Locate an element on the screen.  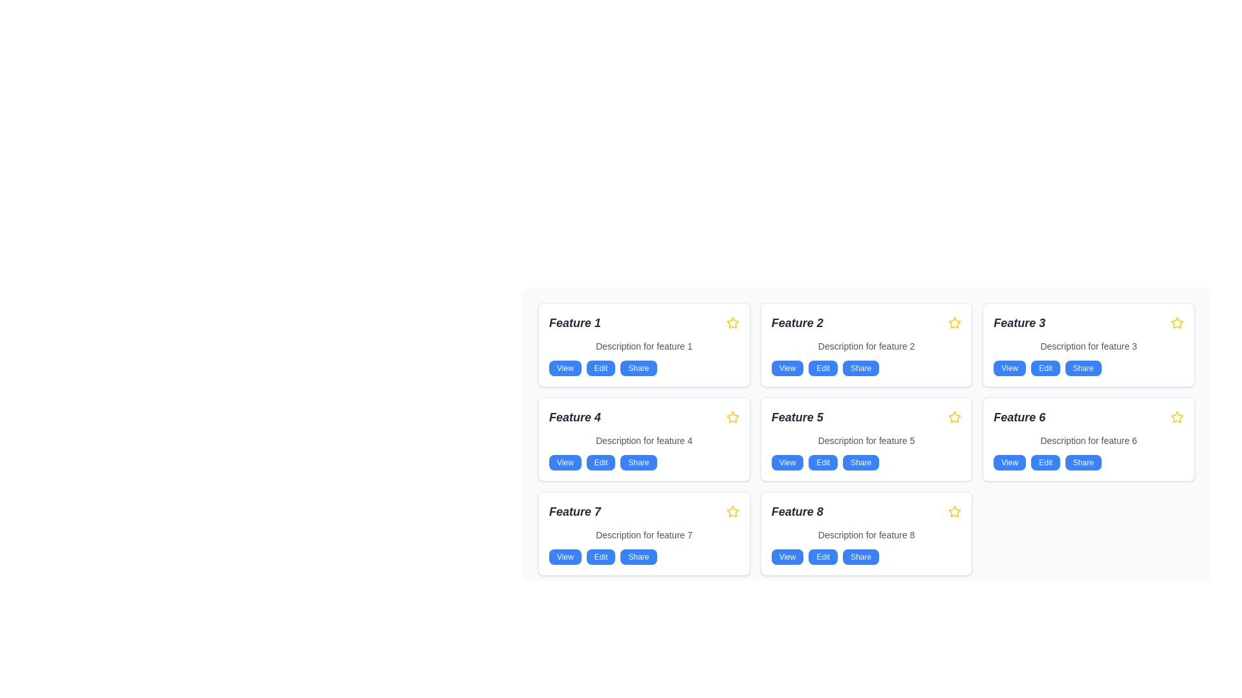
the text label at the top-left corner of the card in the third column of the grid to trigger tooltips is located at coordinates (1019, 323).